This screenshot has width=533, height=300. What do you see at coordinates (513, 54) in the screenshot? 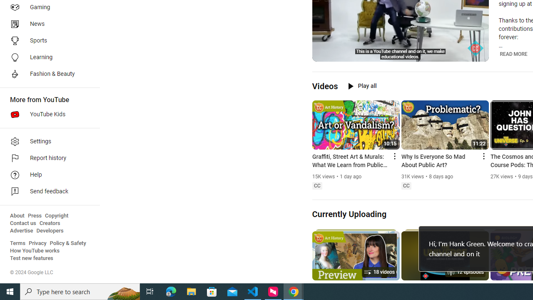
I see `'READ MORE'` at bounding box center [513, 54].